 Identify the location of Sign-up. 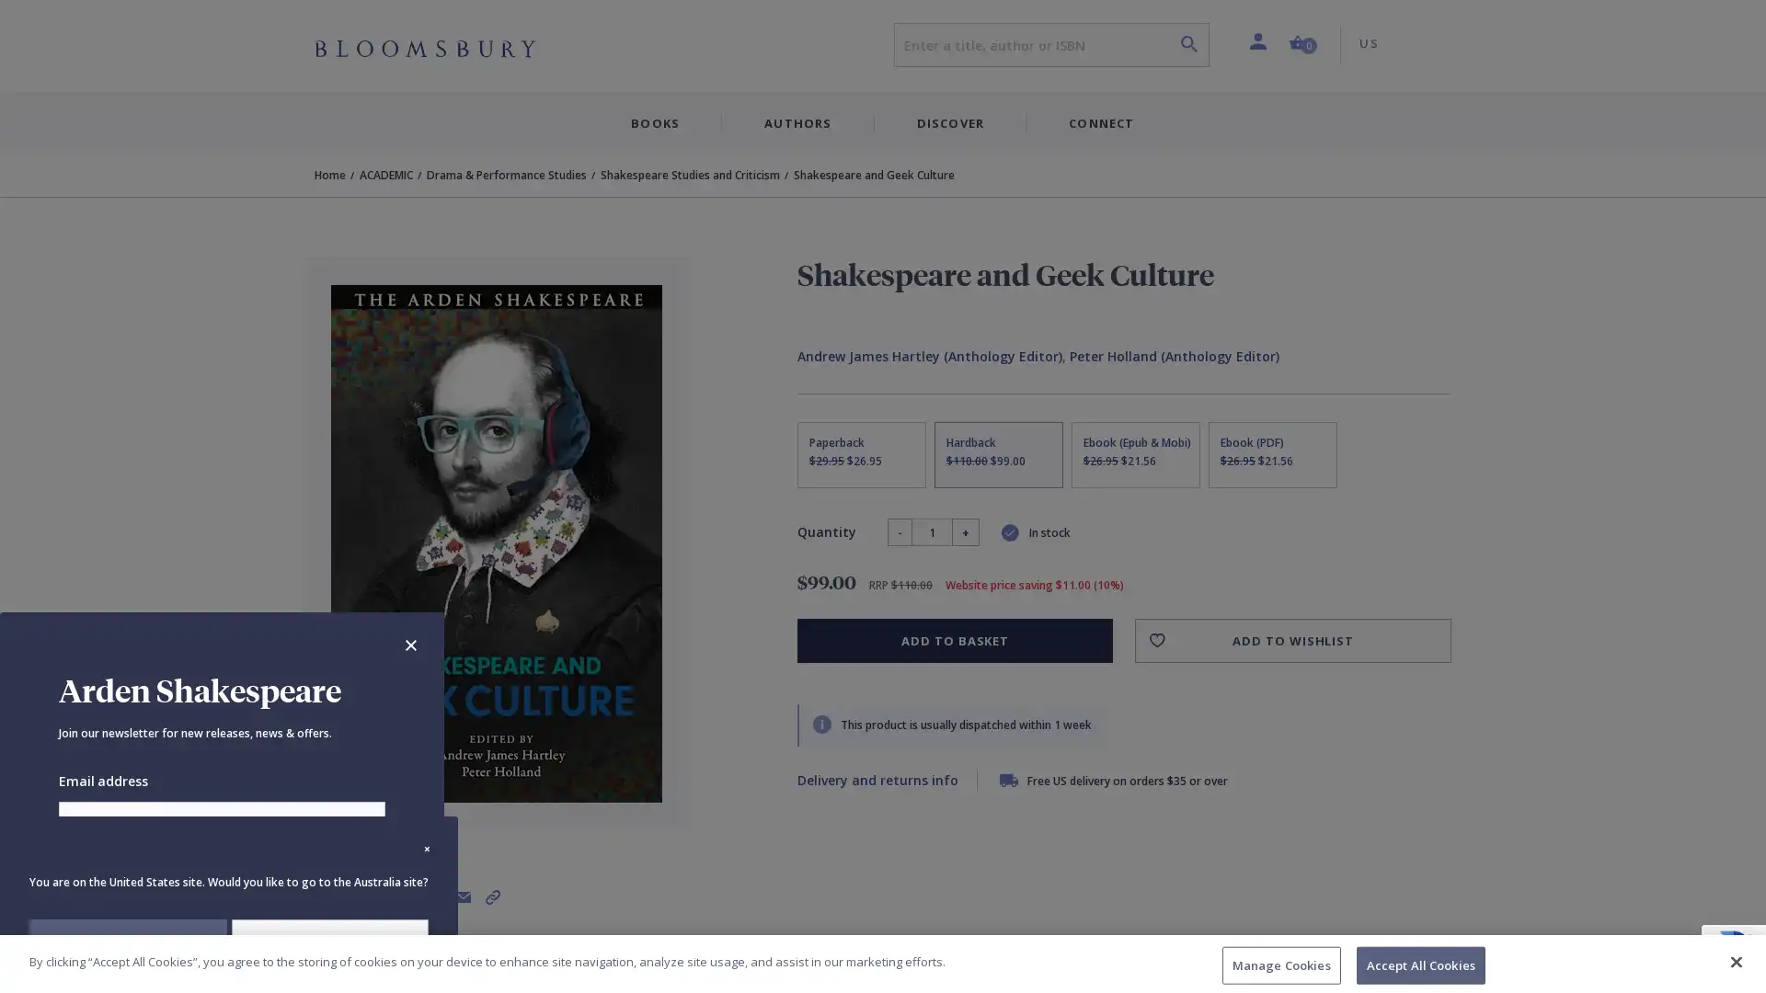
(221, 879).